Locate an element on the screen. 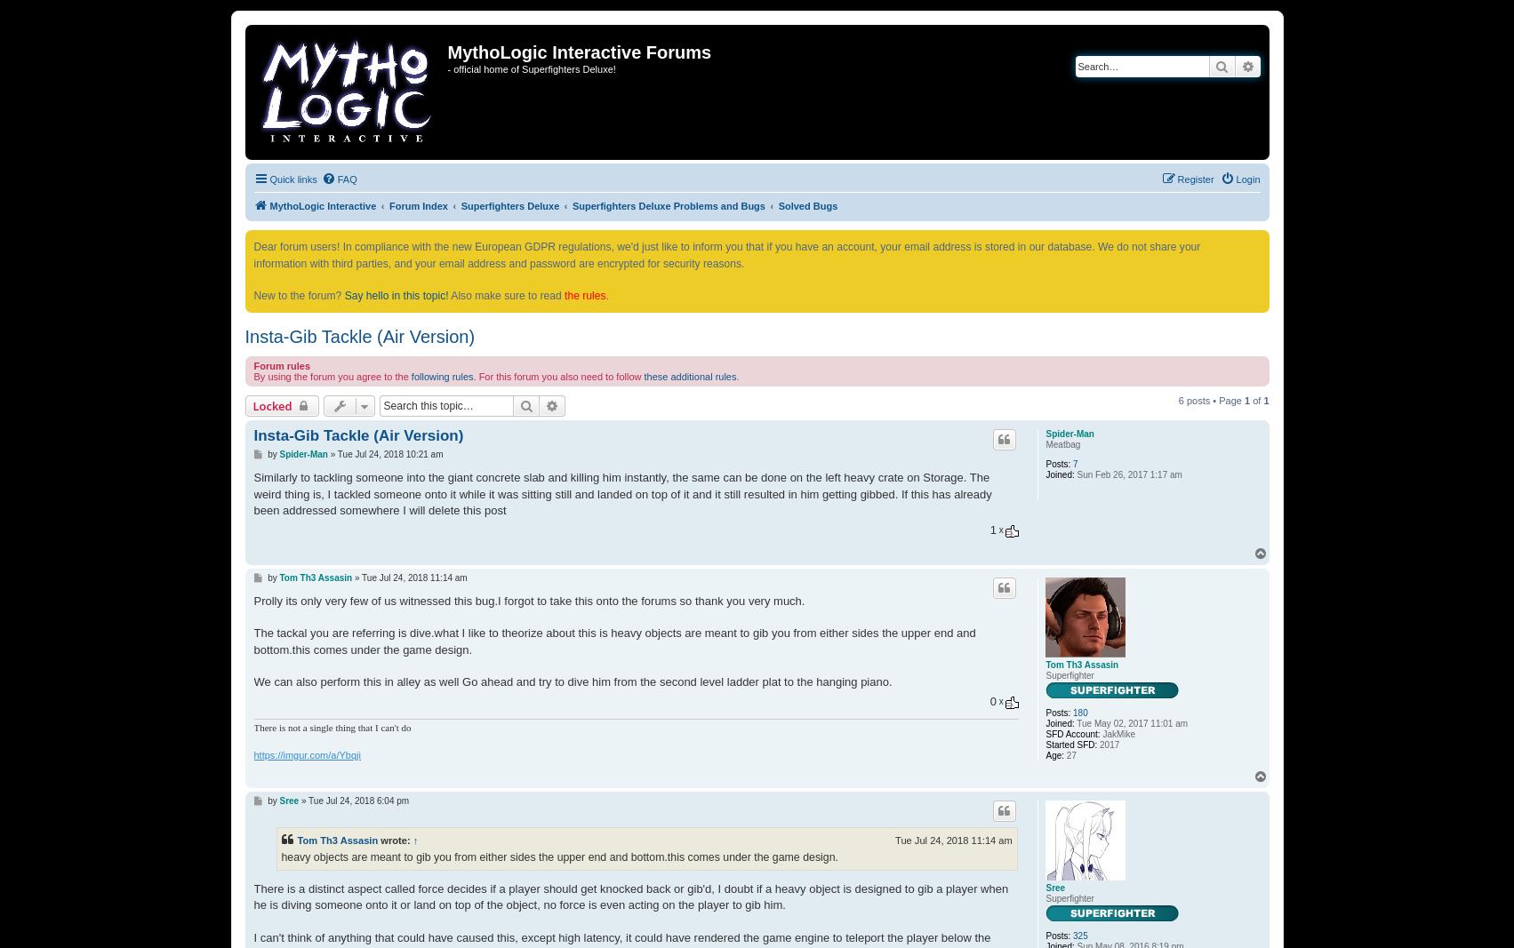 This screenshot has height=948, width=1514. 'MythoLogic Interactive Forums' is located at coordinates (578, 52).